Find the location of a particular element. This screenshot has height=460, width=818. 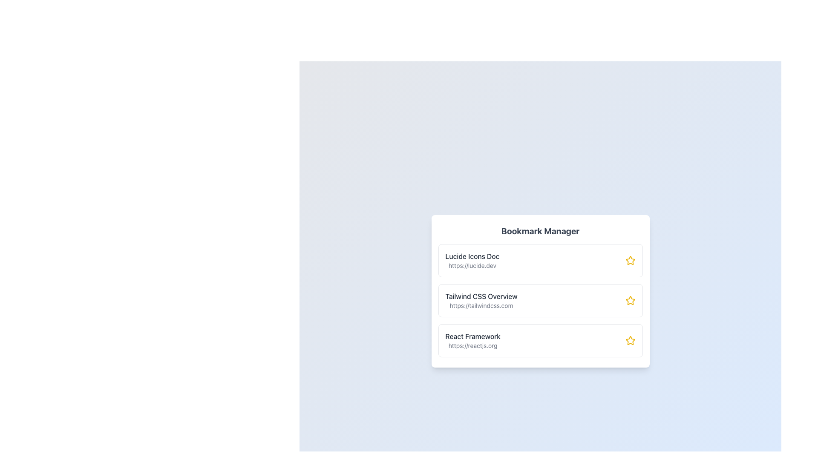

the star-shaped icon with a yellow border located next to 'Lucide Icons Doc' in the 'Bookmark Manager' is located at coordinates (630, 259).